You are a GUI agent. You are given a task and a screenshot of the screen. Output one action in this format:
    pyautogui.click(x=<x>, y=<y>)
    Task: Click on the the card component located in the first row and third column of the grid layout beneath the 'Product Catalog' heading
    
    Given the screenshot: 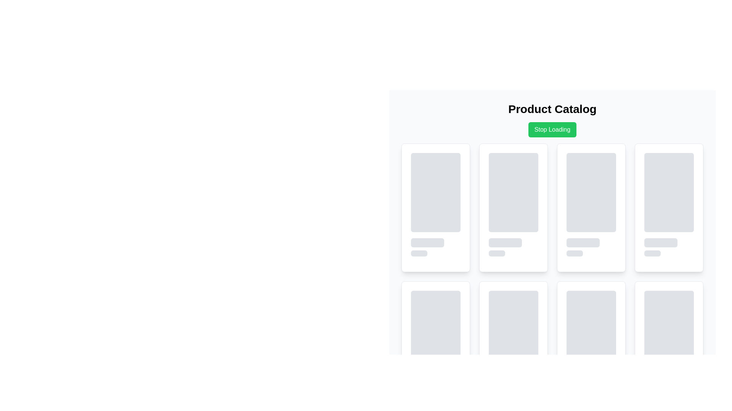 What is the action you would take?
    pyautogui.click(x=591, y=208)
    